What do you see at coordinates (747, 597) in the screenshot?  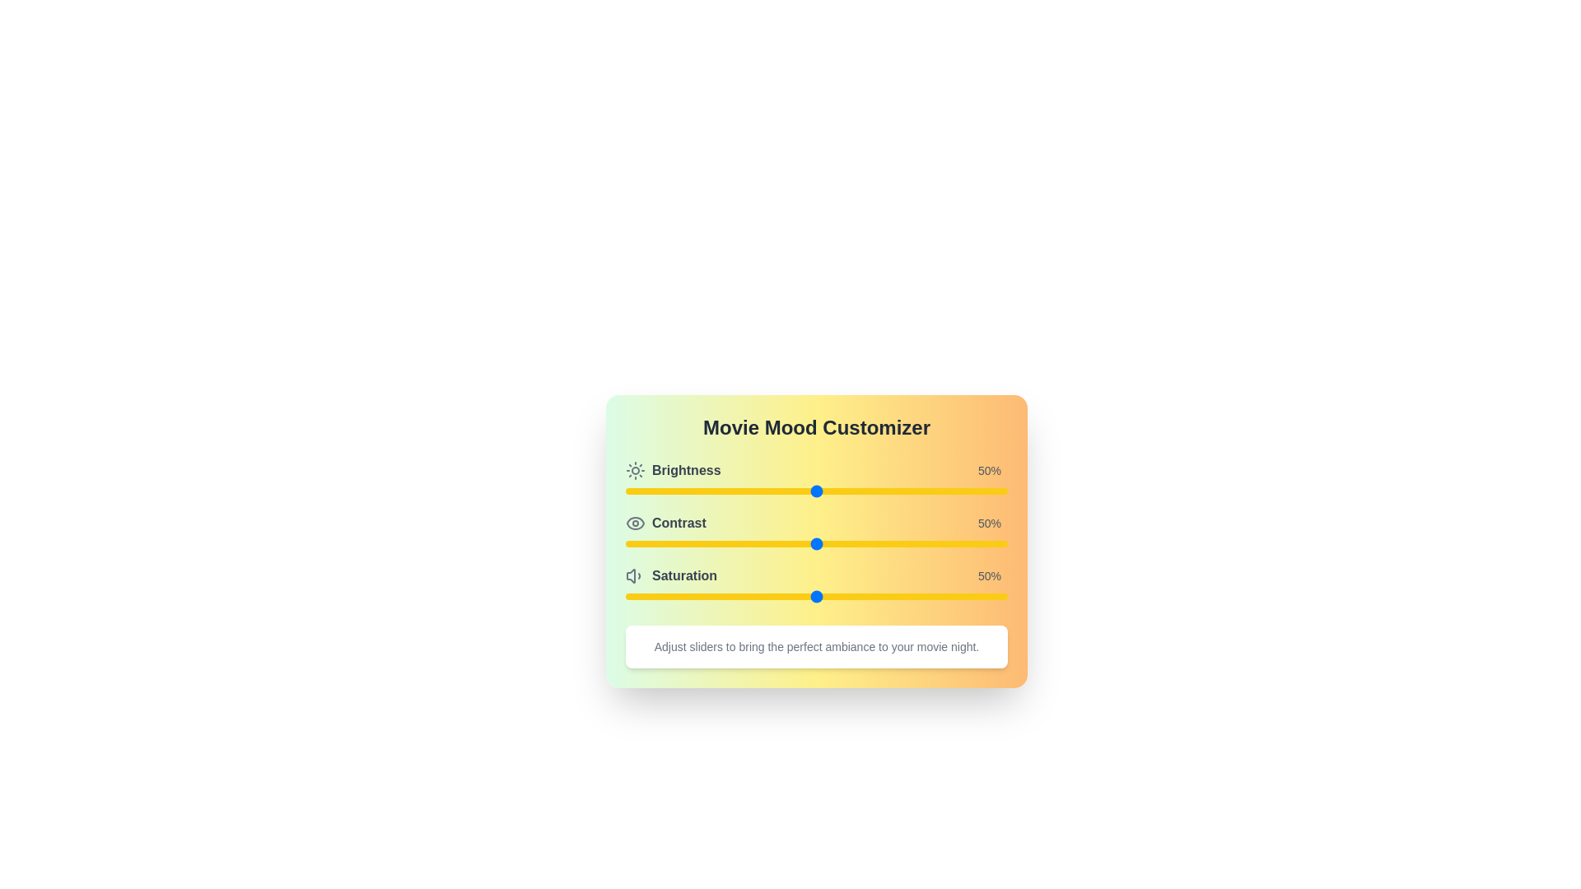 I see `the slider` at bounding box center [747, 597].